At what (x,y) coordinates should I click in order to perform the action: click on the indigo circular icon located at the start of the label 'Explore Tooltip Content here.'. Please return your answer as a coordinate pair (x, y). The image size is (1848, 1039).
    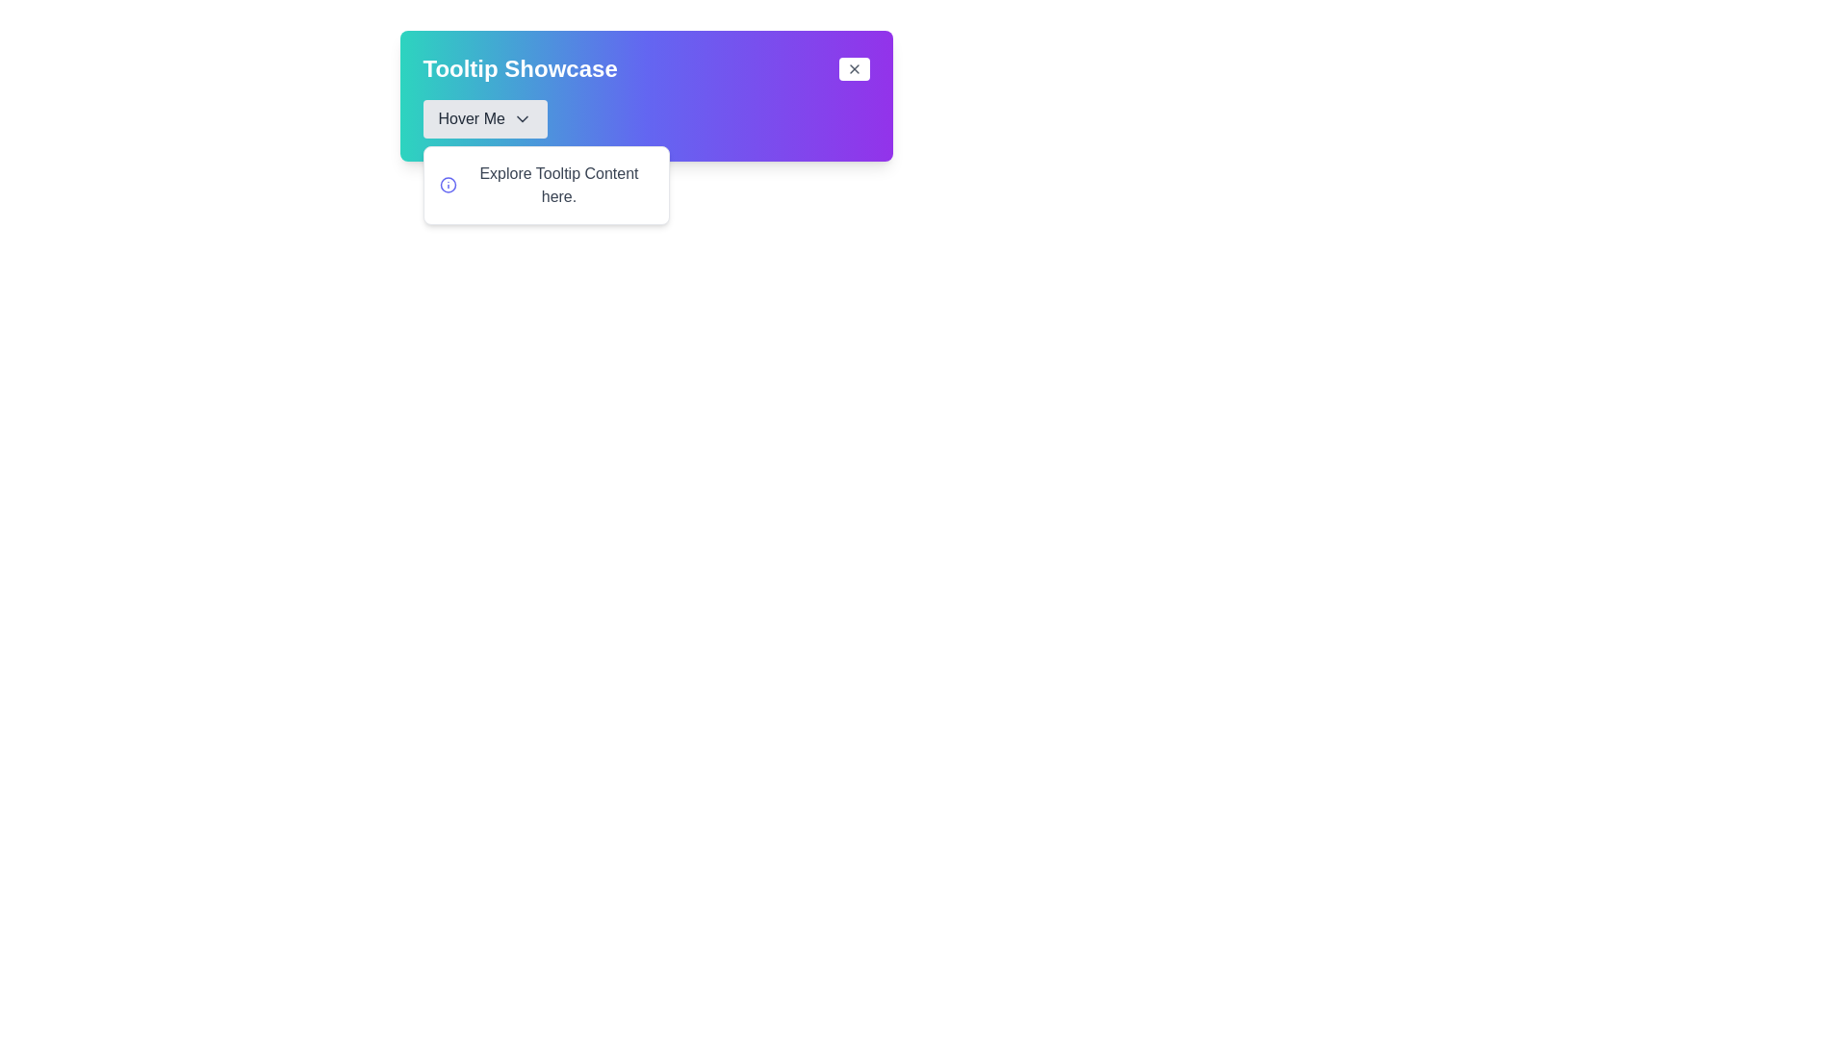
    Looking at the image, I should click on (447, 185).